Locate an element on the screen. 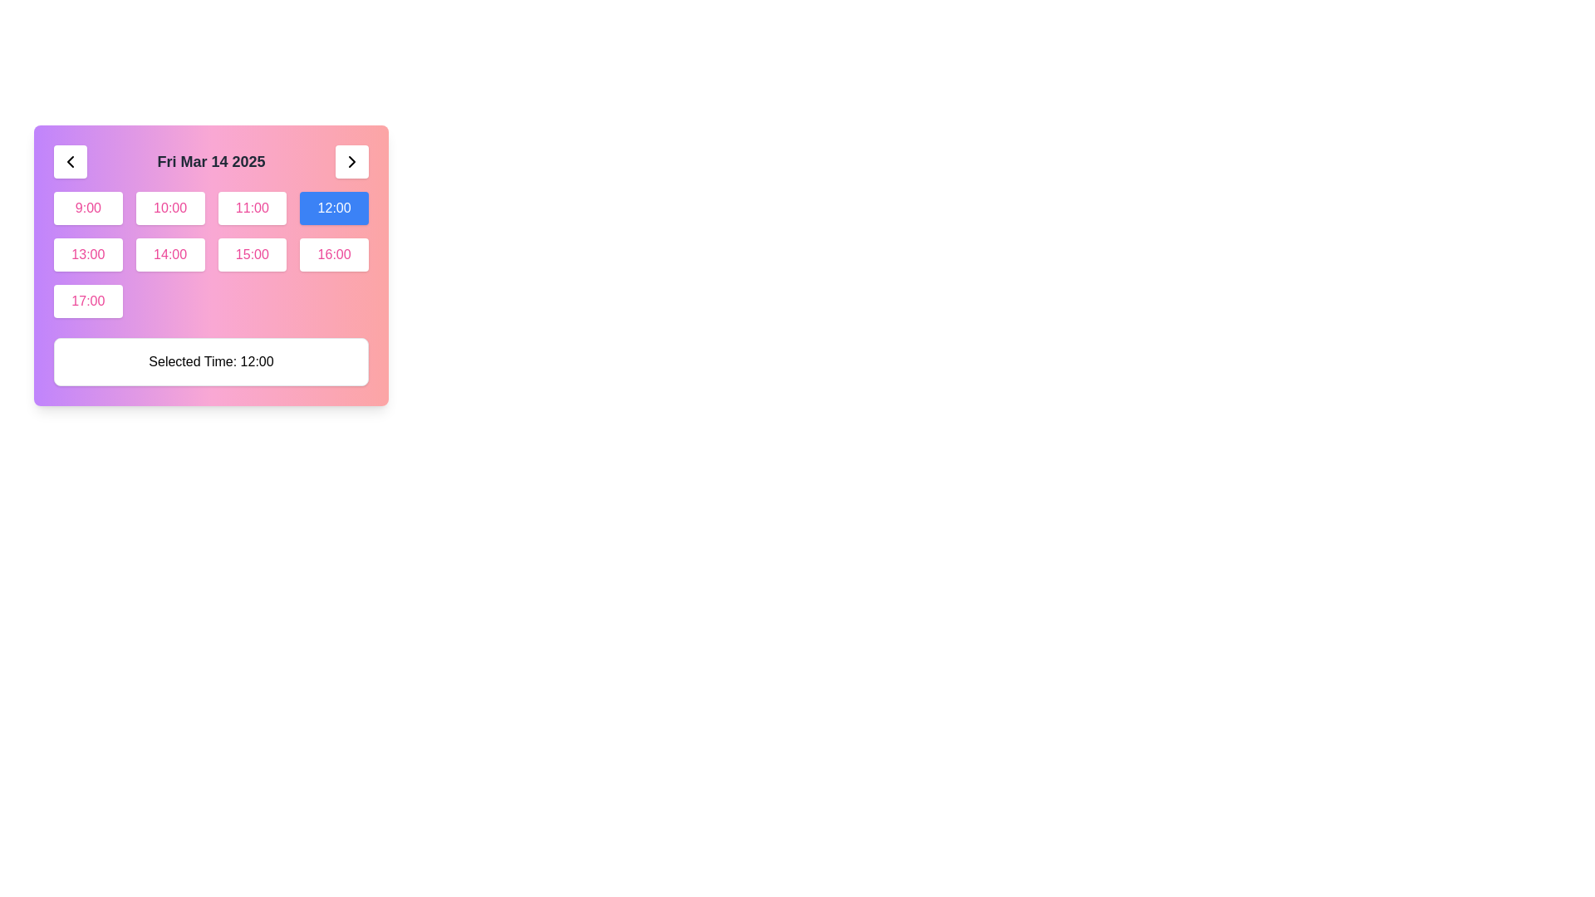 The image size is (1595, 897). the first button in the grid layout is located at coordinates (87, 207).